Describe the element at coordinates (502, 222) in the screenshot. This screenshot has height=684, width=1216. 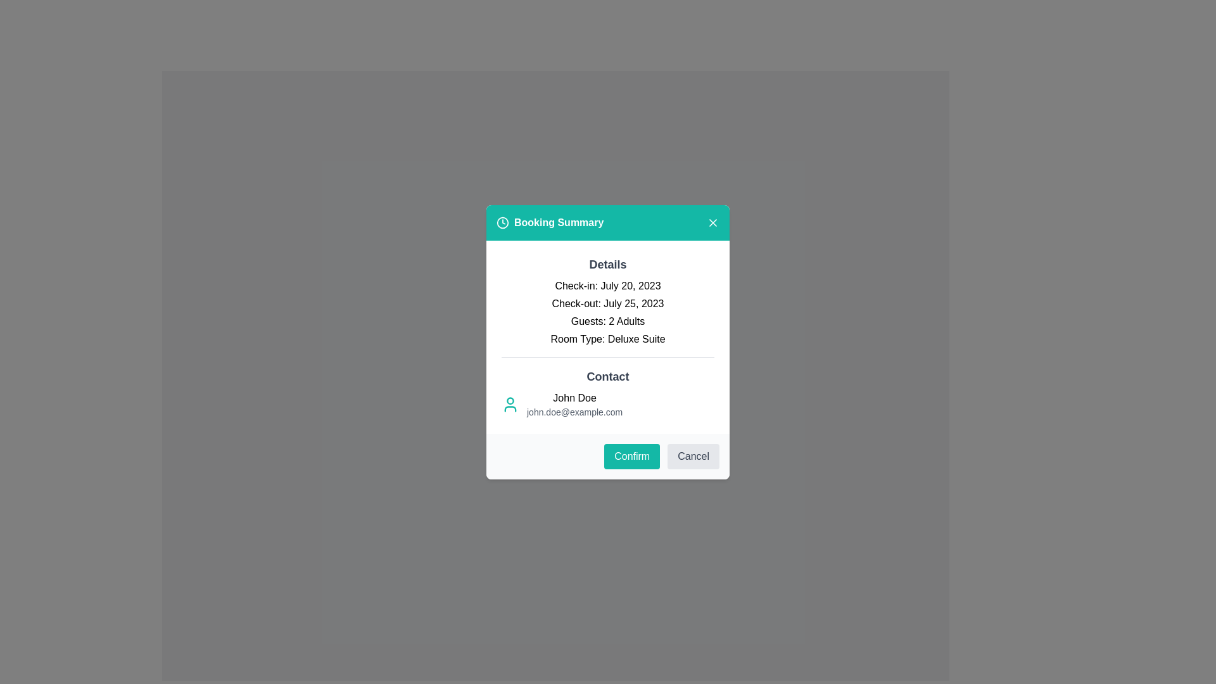
I see `the circular border of the clock icon in the 'Booking Summary' modal window, positioned on the far left of the header bar` at that location.